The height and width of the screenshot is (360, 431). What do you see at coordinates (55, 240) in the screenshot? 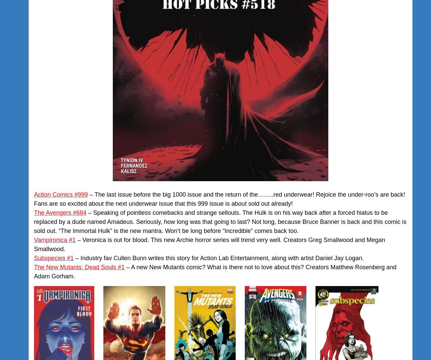
I see `'Vampironica #1'` at bounding box center [55, 240].